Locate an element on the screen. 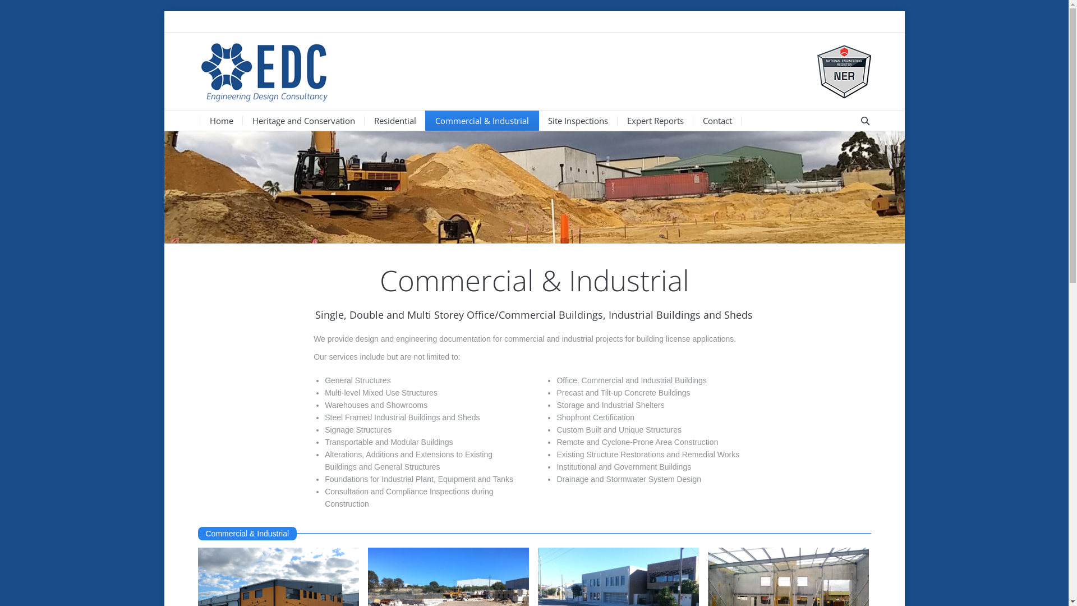  'Commercial & Industrial' is located at coordinates (482, 121).